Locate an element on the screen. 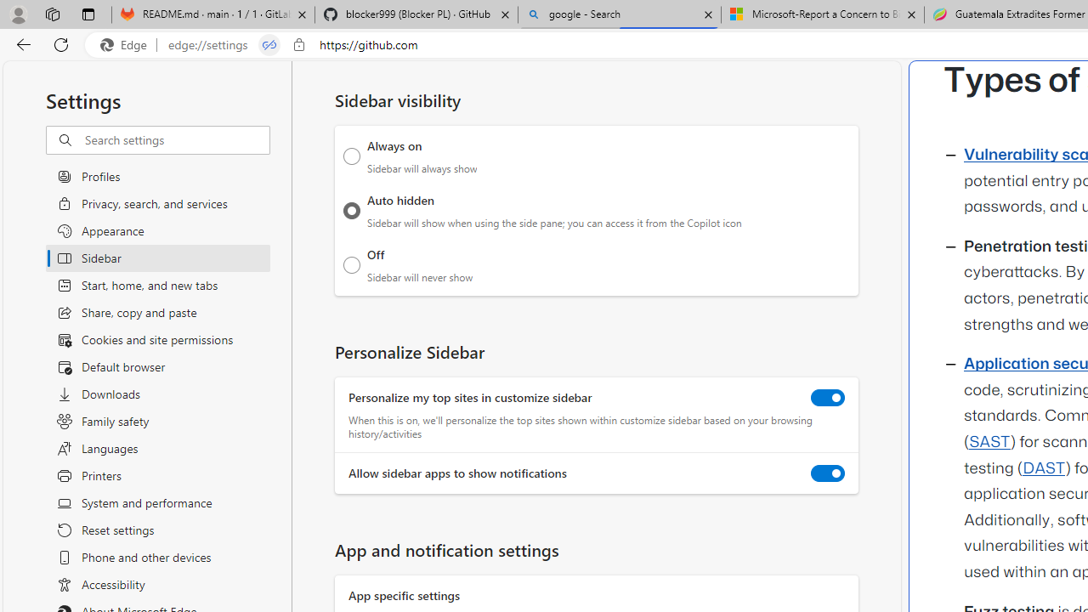  'Microsoft-Report a Concern to Bing' is located at coordinates (822, 14).